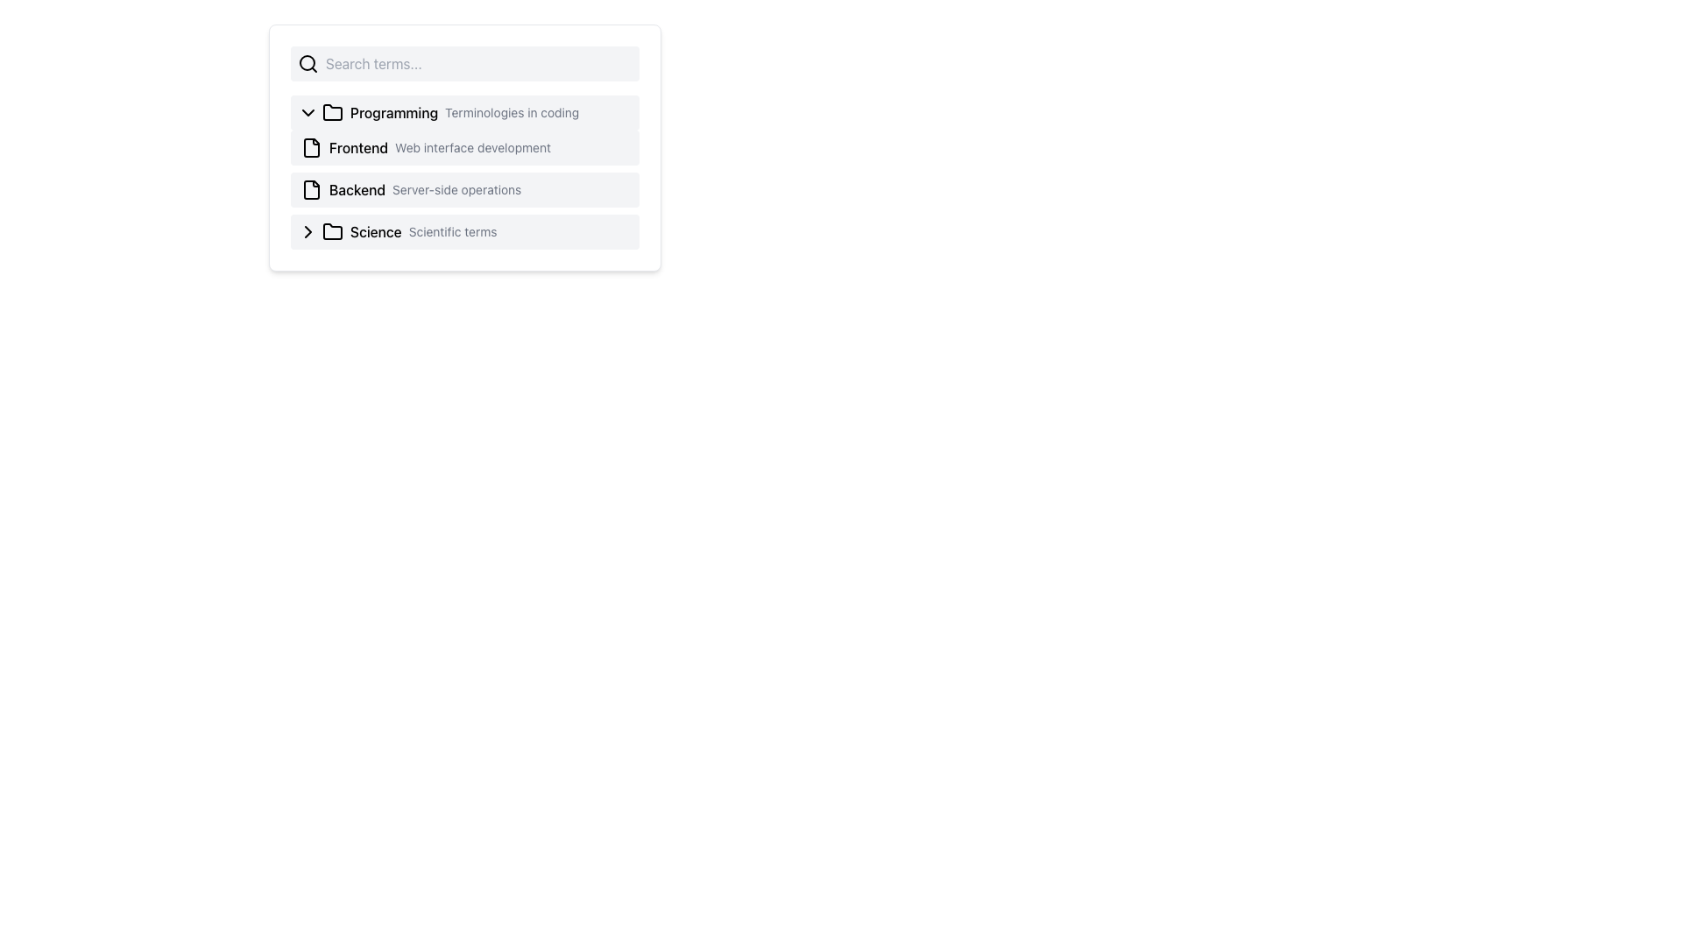  I want to click on the 'Programming' Collapsible List Header, so click(465, 112).